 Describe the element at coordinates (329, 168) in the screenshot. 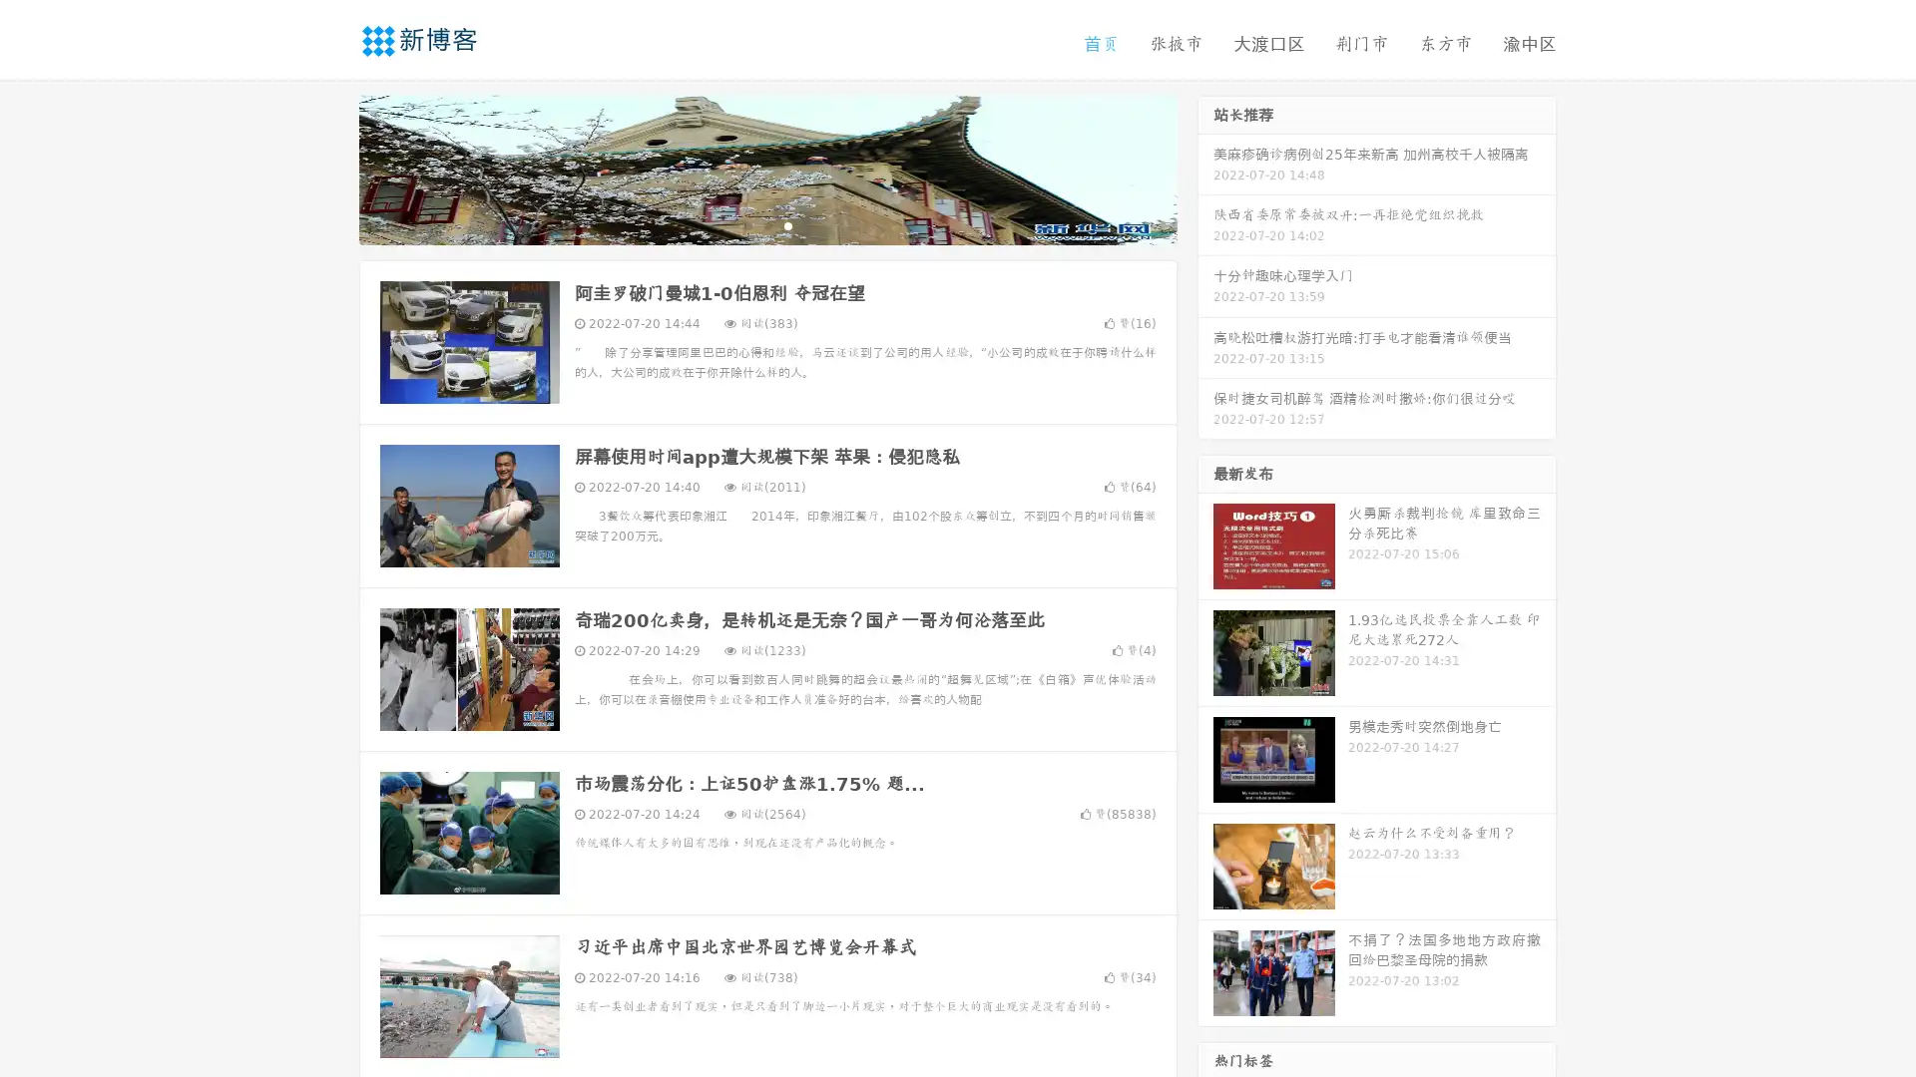

I see `Previous slide` at that location.